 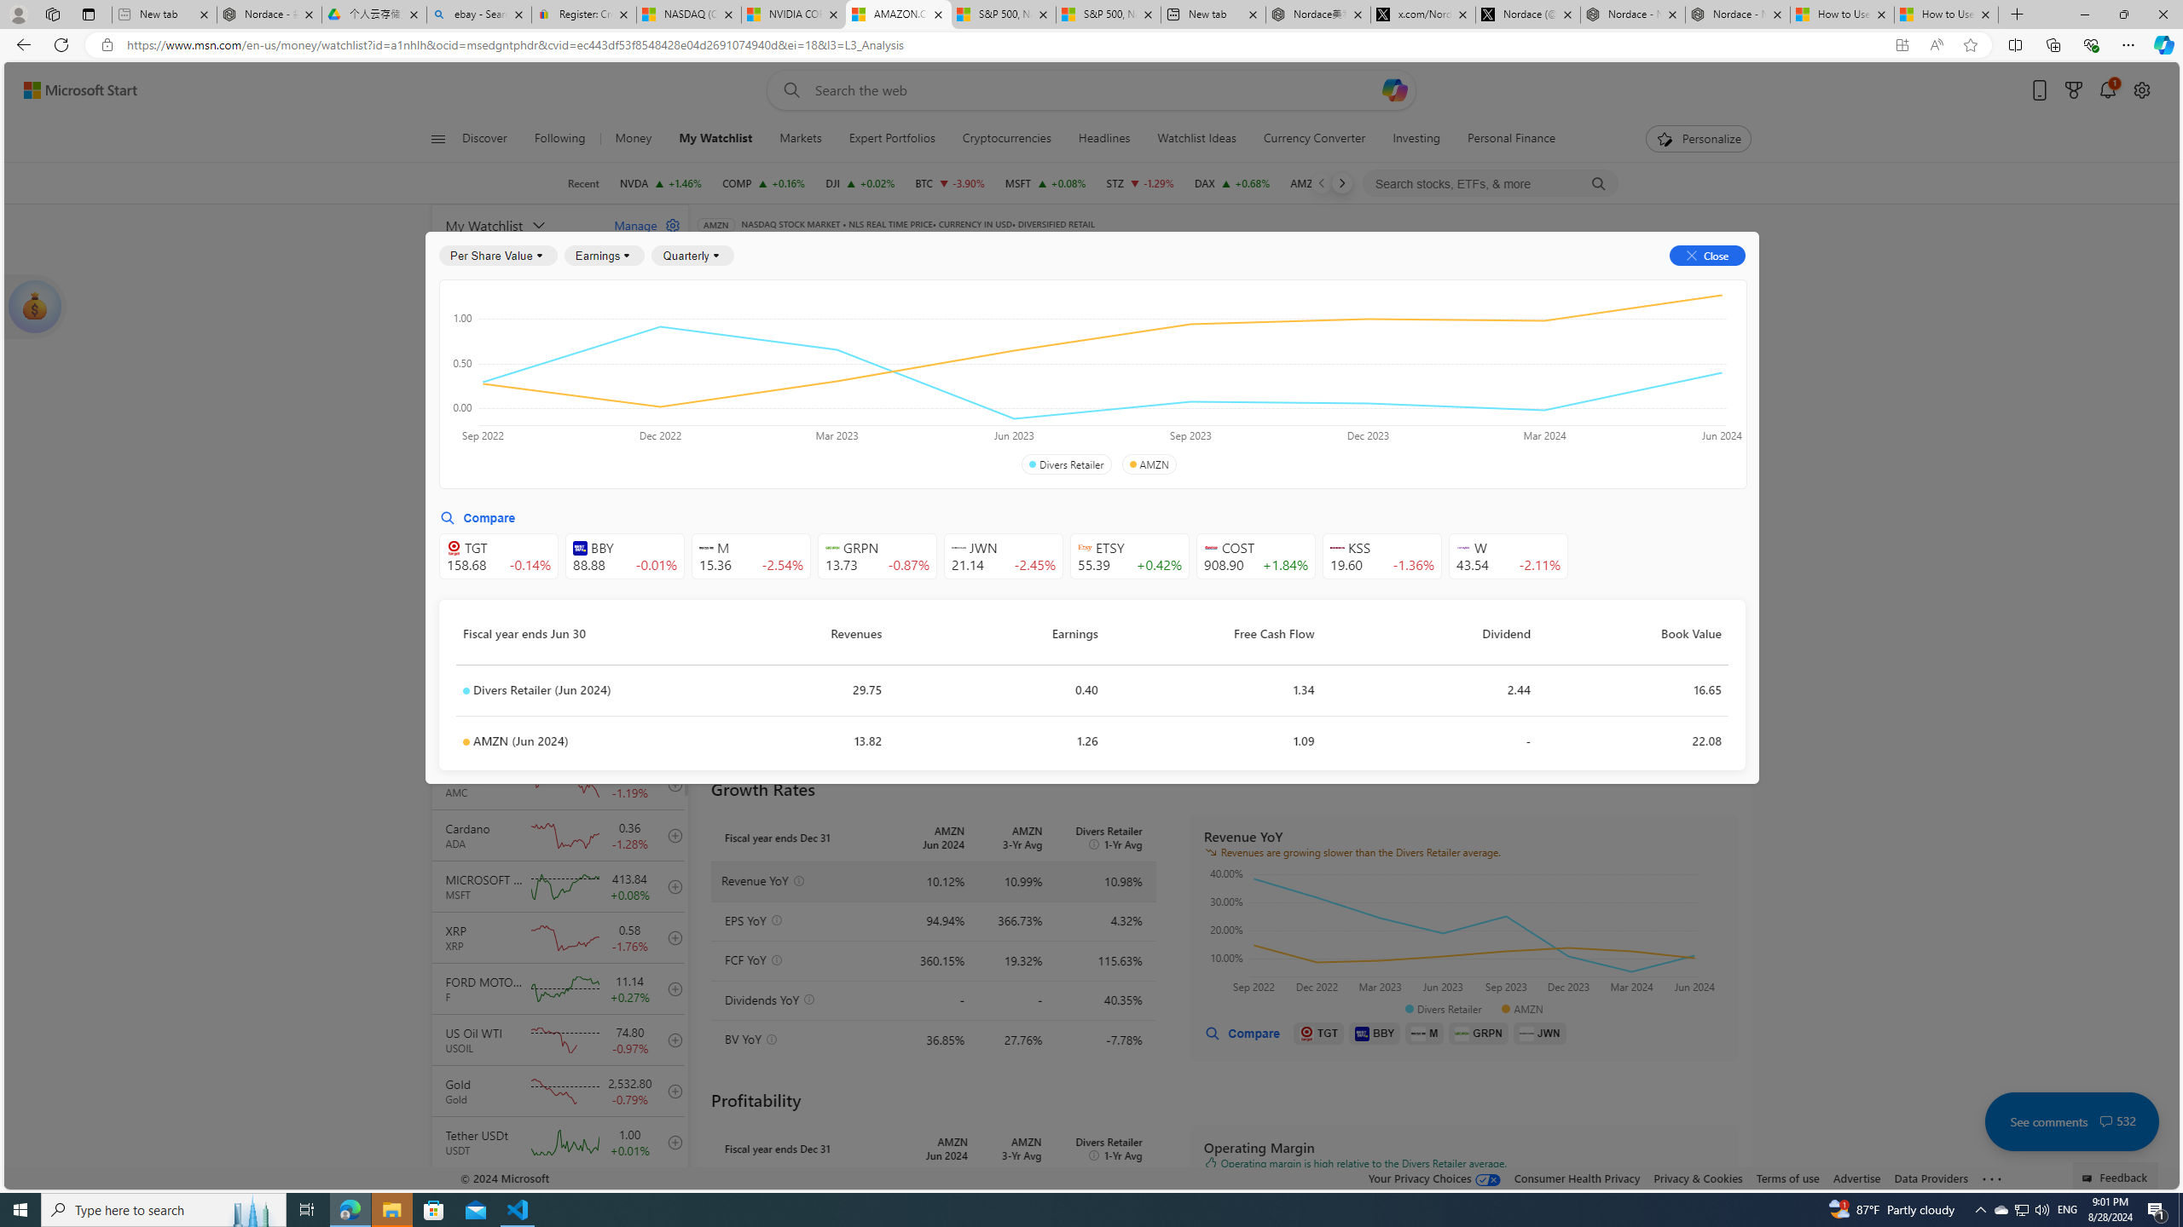 What do you see at coordinates (1576, 1178) in the screenshot?
I see `'Consumer Health Privacy'` at bounding box center [1576, 1178].